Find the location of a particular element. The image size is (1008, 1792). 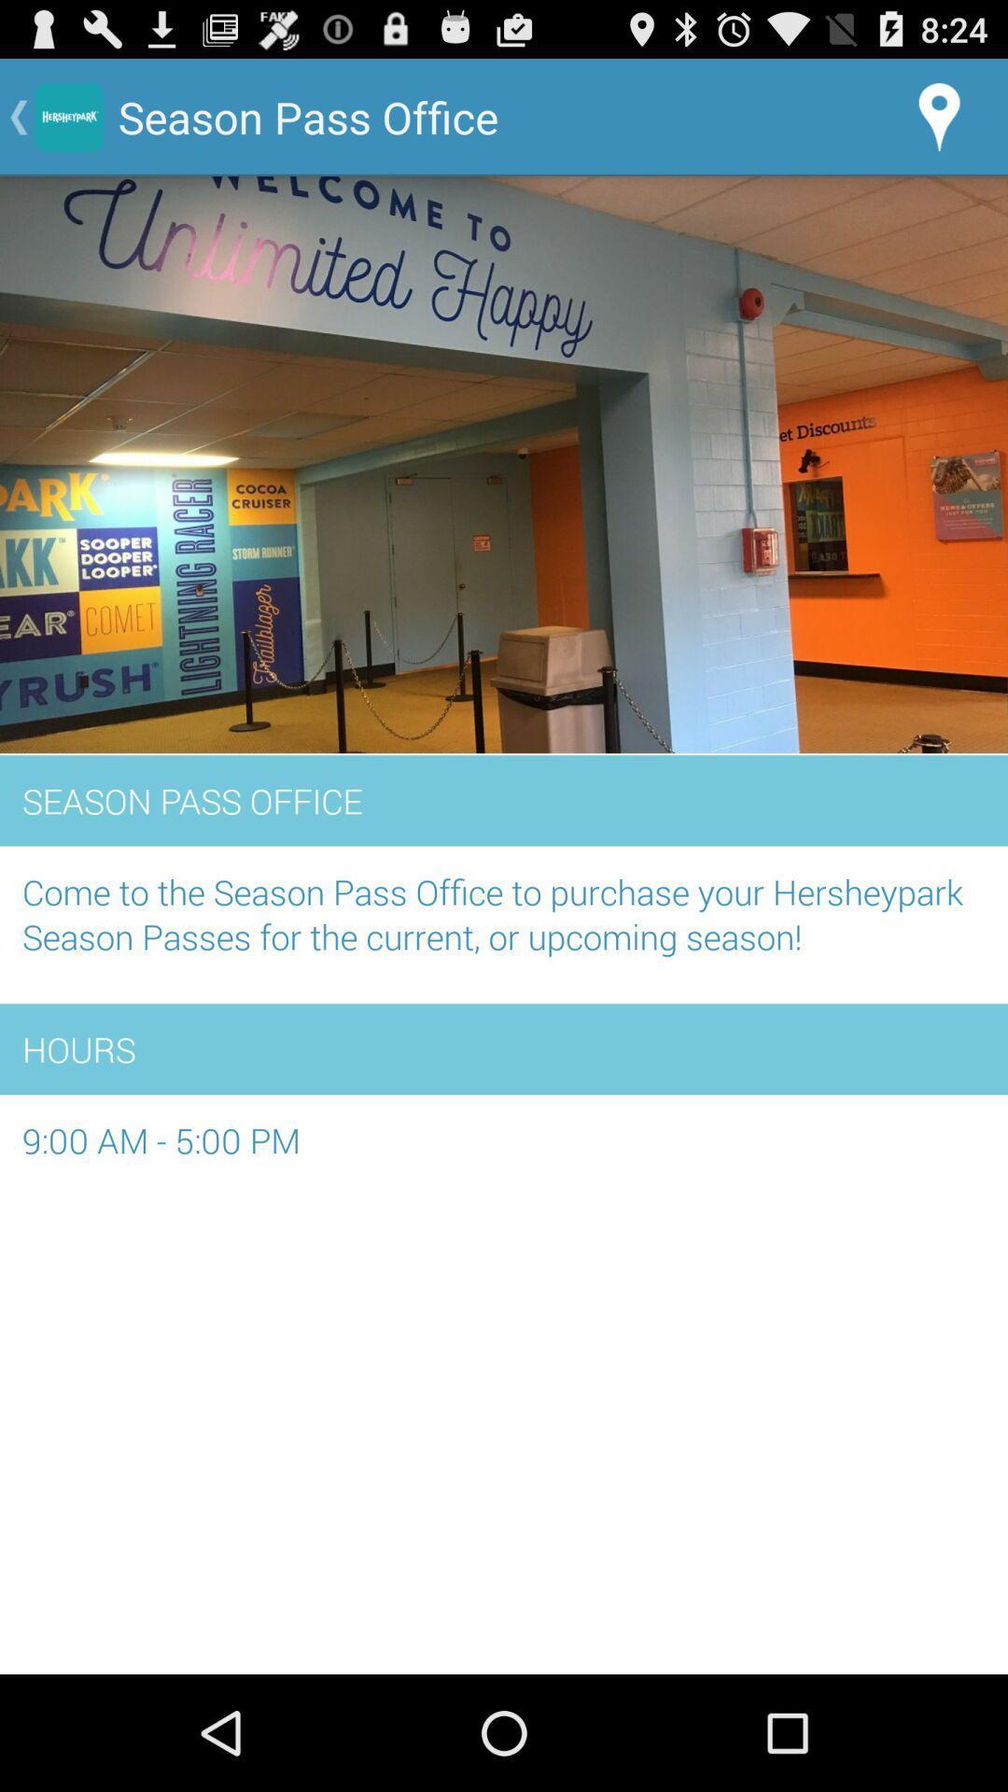

the hours is located at coordinates (504, 1049).